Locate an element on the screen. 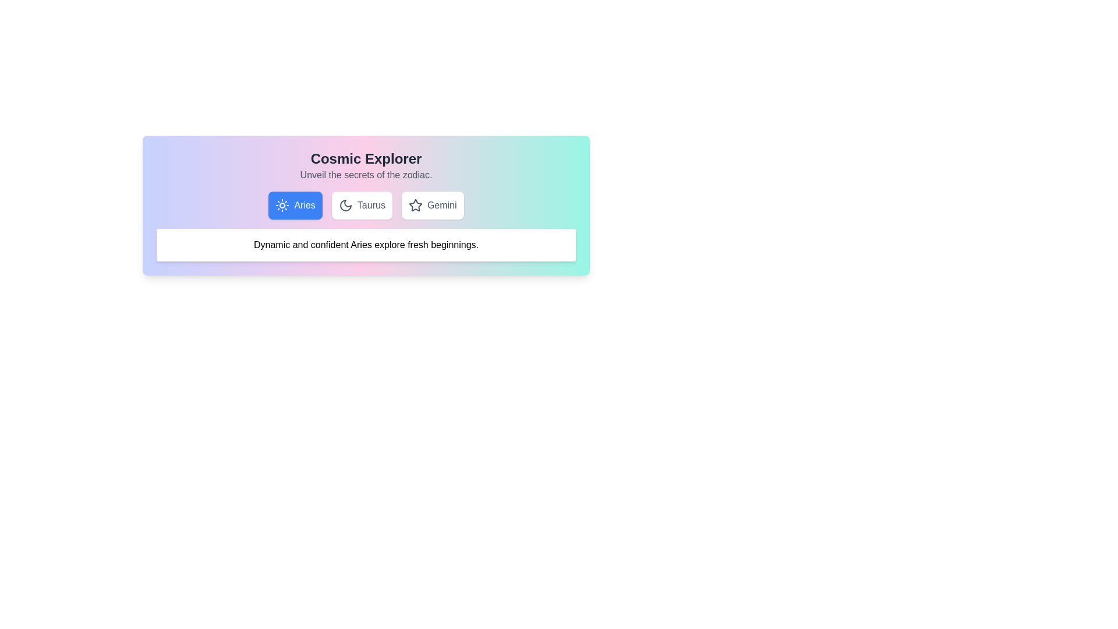 Image resolution: width=1118 pixels, height=629 pixels. the Aries tab to switch the active tab is located at coordinates (295, 205).